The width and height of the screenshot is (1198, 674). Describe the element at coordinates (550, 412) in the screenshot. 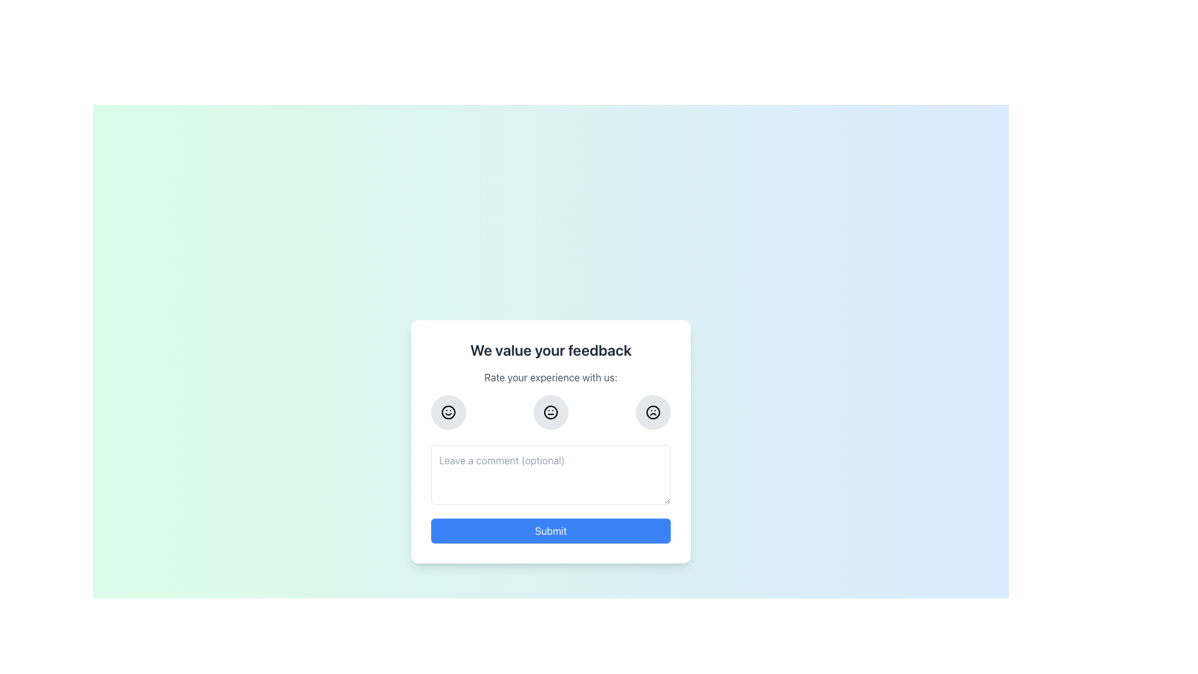

I see `the circular button with a neutral face icon, located in the center of a row of three buttons` at that location.